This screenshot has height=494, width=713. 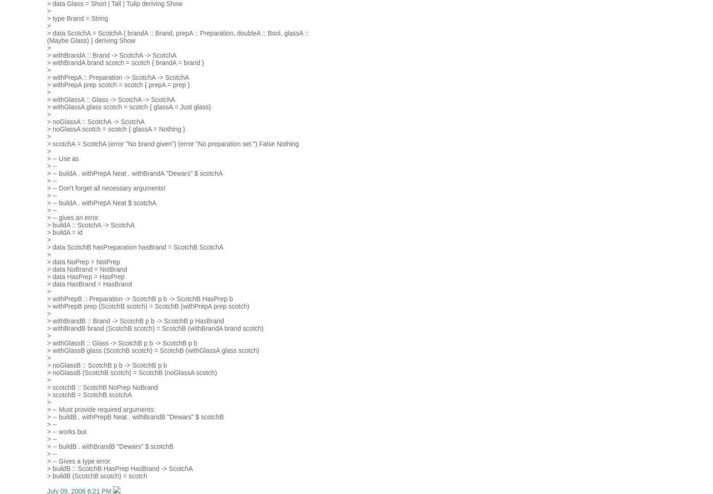 I want to click on '> data Glass = Short | Tall | Tulip deriving Show', so click(x=114, y=3).